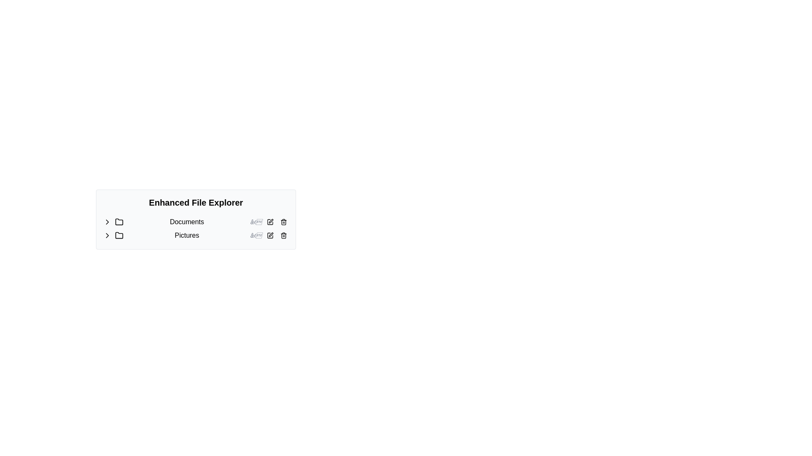 Image resolution: width=812 pixels, height=456 pixels. I want to click on the delete icon button located at the far right of the row corresponding to the 'Pictures' folder, so click(284, 236).